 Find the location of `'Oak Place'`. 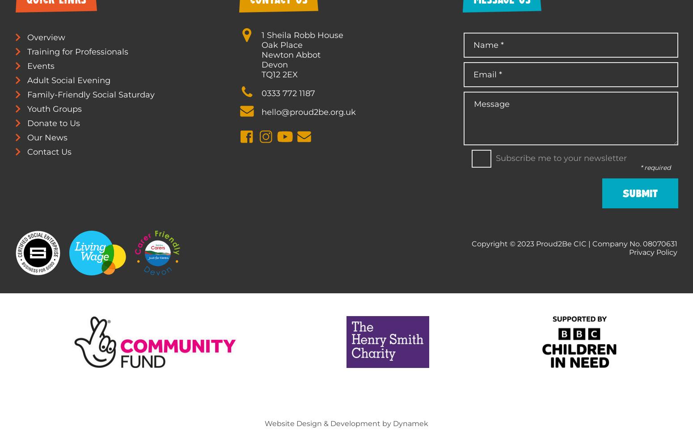

'Oak Place' is located at coordinates (281, 44).